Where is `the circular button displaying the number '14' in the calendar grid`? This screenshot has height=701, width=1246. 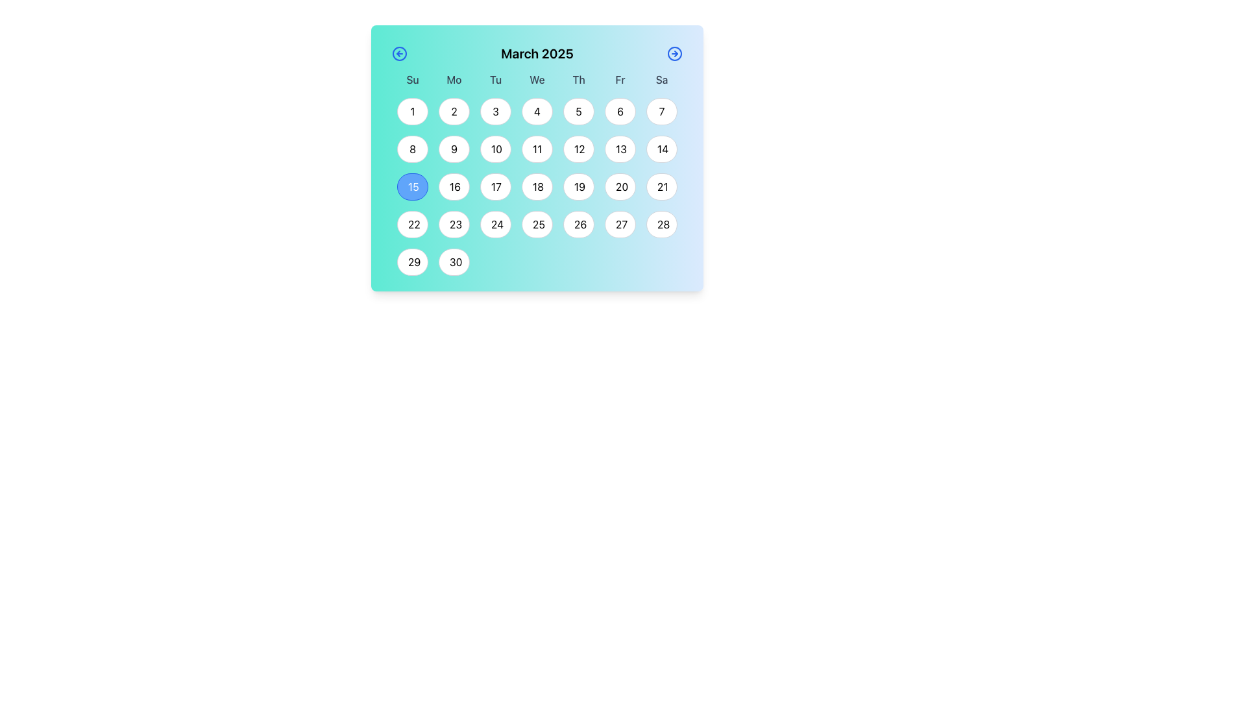
the circular button displaying the number '14' in the calendar grid is located at coordinates (661, 149).